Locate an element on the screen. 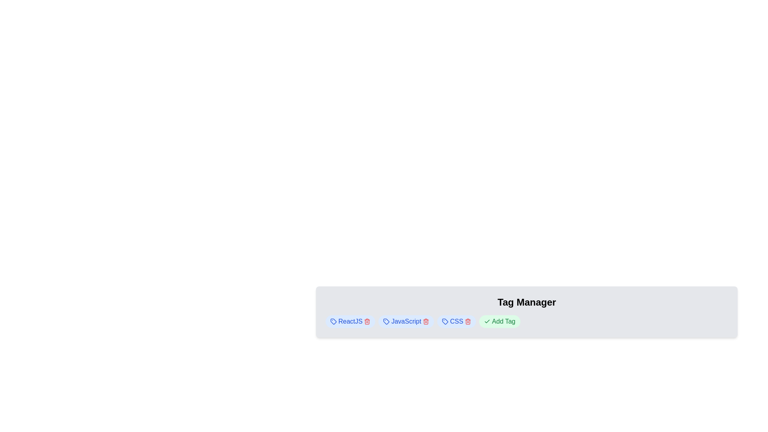 This screenshot has height=432, width=768. the delete icon on the 'ReactJS' tag component, which is the first tag in a horizontal list is located at coordinates (350, 321).